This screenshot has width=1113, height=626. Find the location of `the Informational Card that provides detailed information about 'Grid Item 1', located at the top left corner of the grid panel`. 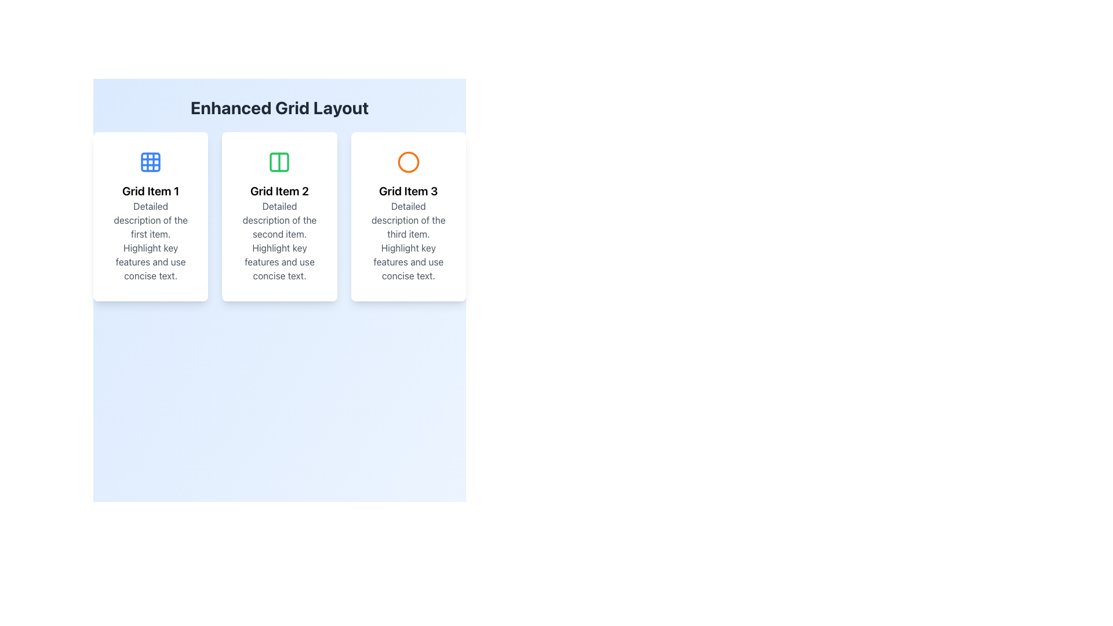

the Informational Card that provides detailed information about 'Grid Item 1', located at the top left corner of the grid panel is located at coordinates (150, 217).